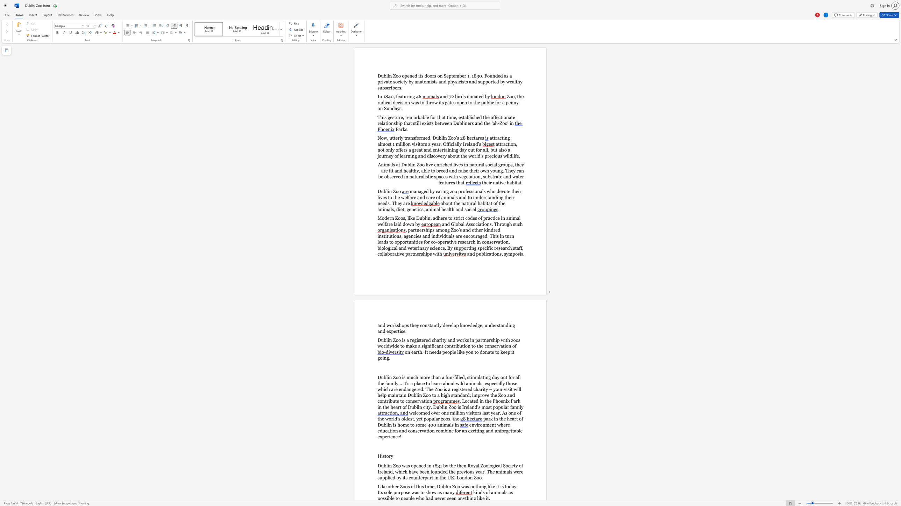  I want to click on the subset text "Dublin Zoo opened its doors on September 1, 1830. Founded as a private society by anatomists and physicists and supported by wealthy subscrib" within the text "Dublin Zoo opened its doors on September 1, 1830. Founded as a private society by anatomists and physicists and supported by wealthy subscribers.", so click(377, 76).